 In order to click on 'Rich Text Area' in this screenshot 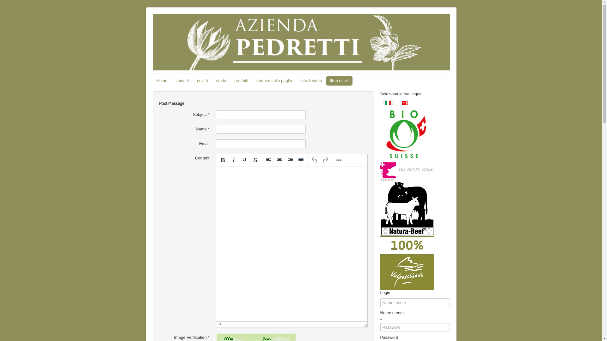, I will do `click(291, 243)`.